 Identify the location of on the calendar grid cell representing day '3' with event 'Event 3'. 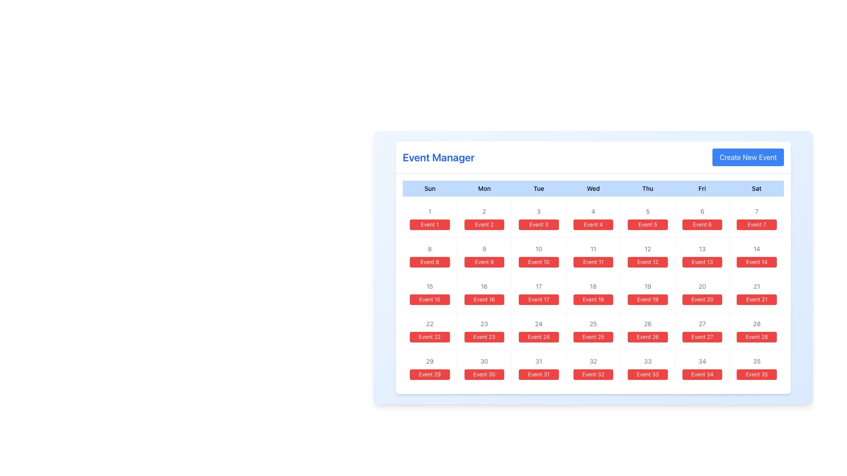
(538, 218).